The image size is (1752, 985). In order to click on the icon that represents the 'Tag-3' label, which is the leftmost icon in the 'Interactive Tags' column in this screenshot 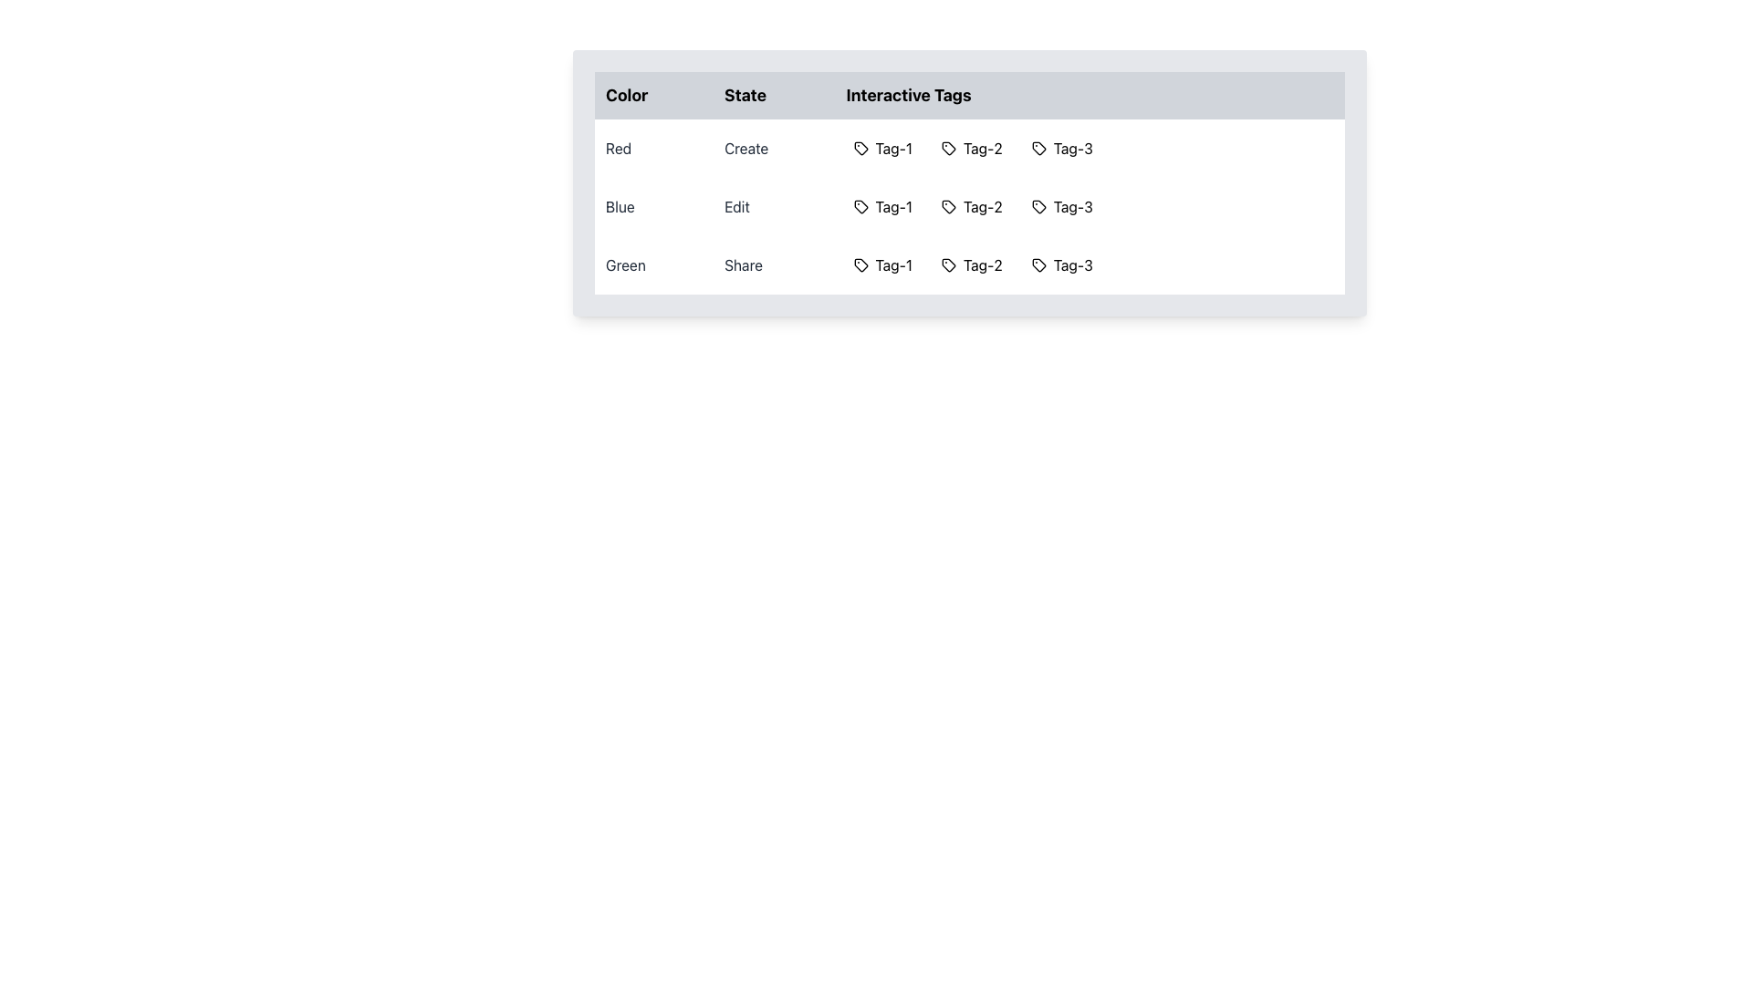, I will do `click(1038, 147)`.